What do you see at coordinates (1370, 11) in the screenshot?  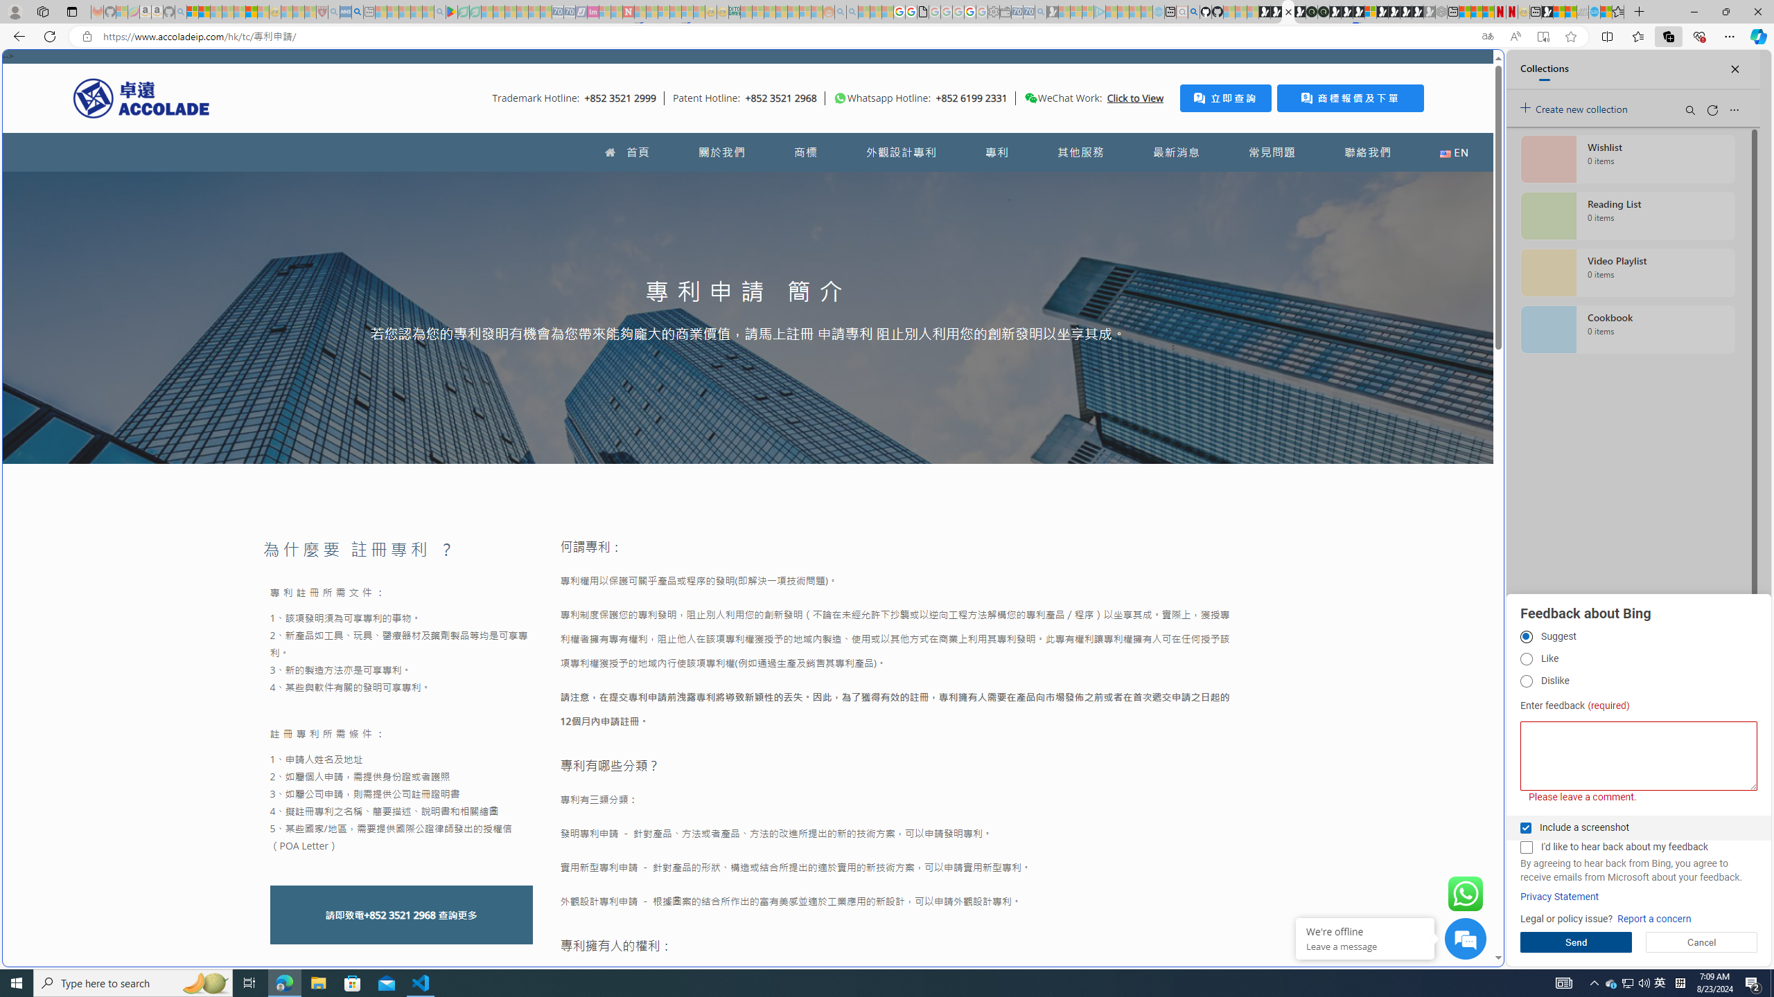 I see `'Sign in to your account'` at bounding box center [1370, 11].